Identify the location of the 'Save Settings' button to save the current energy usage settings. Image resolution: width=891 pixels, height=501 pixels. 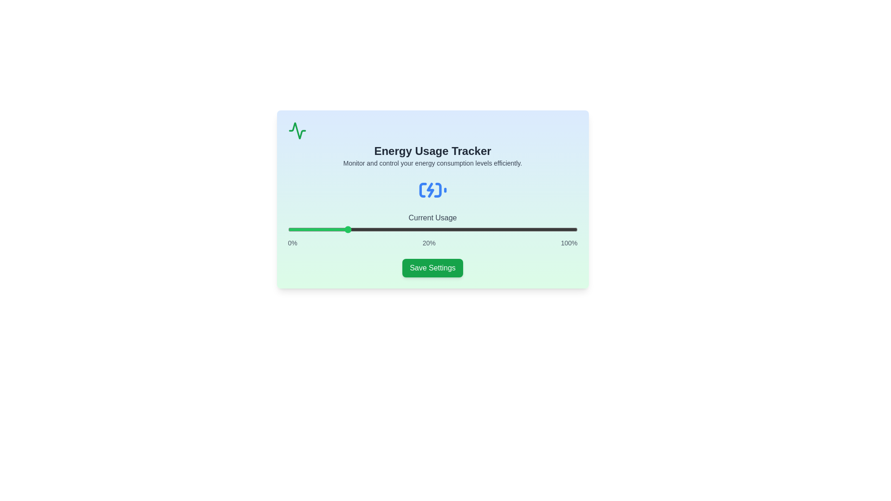
(432, 268).